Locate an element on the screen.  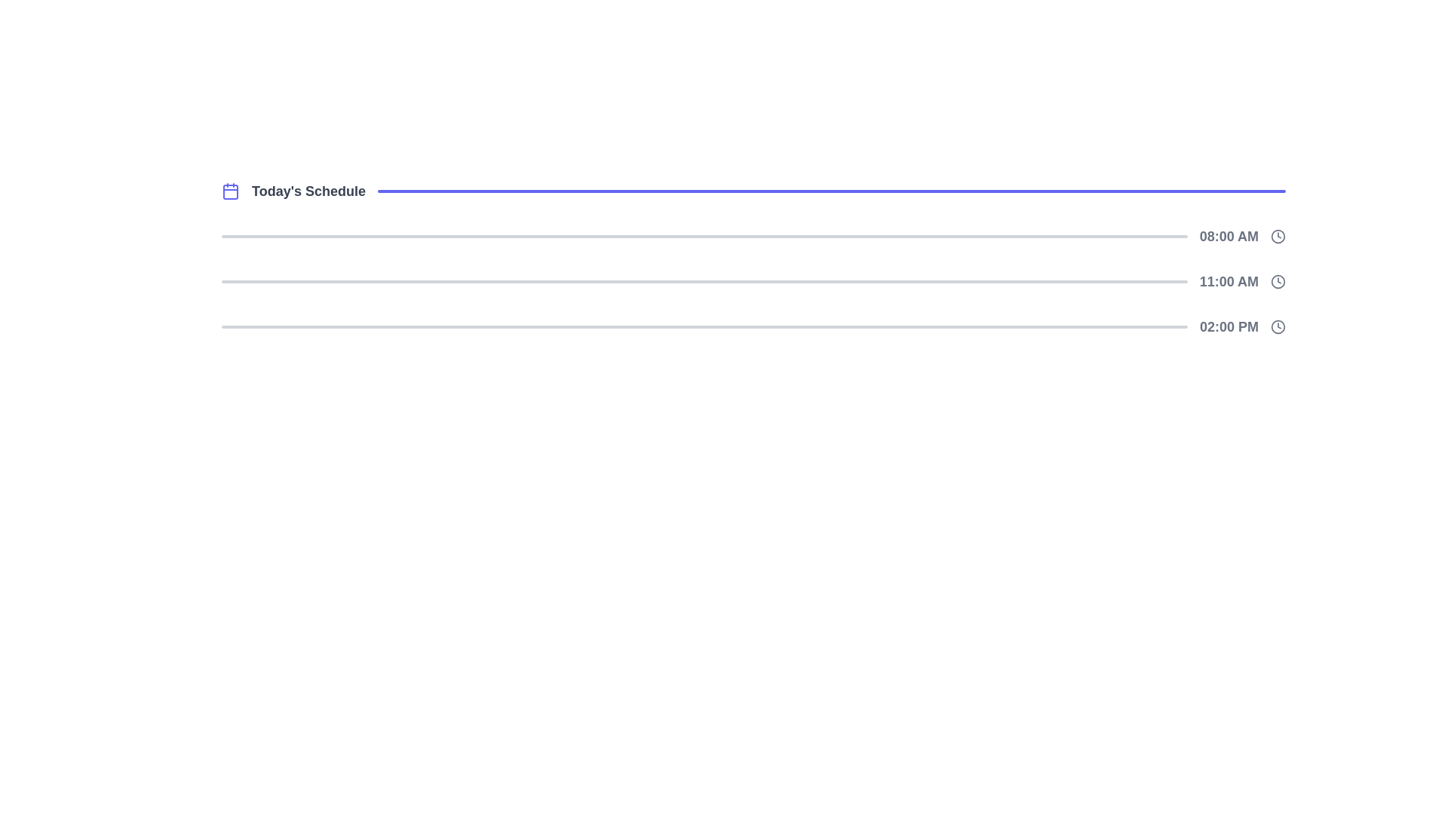
time information from the second schedule time slot element located between '08:00 AM' and '02:00 PM' is located at coordinates (753, 282).